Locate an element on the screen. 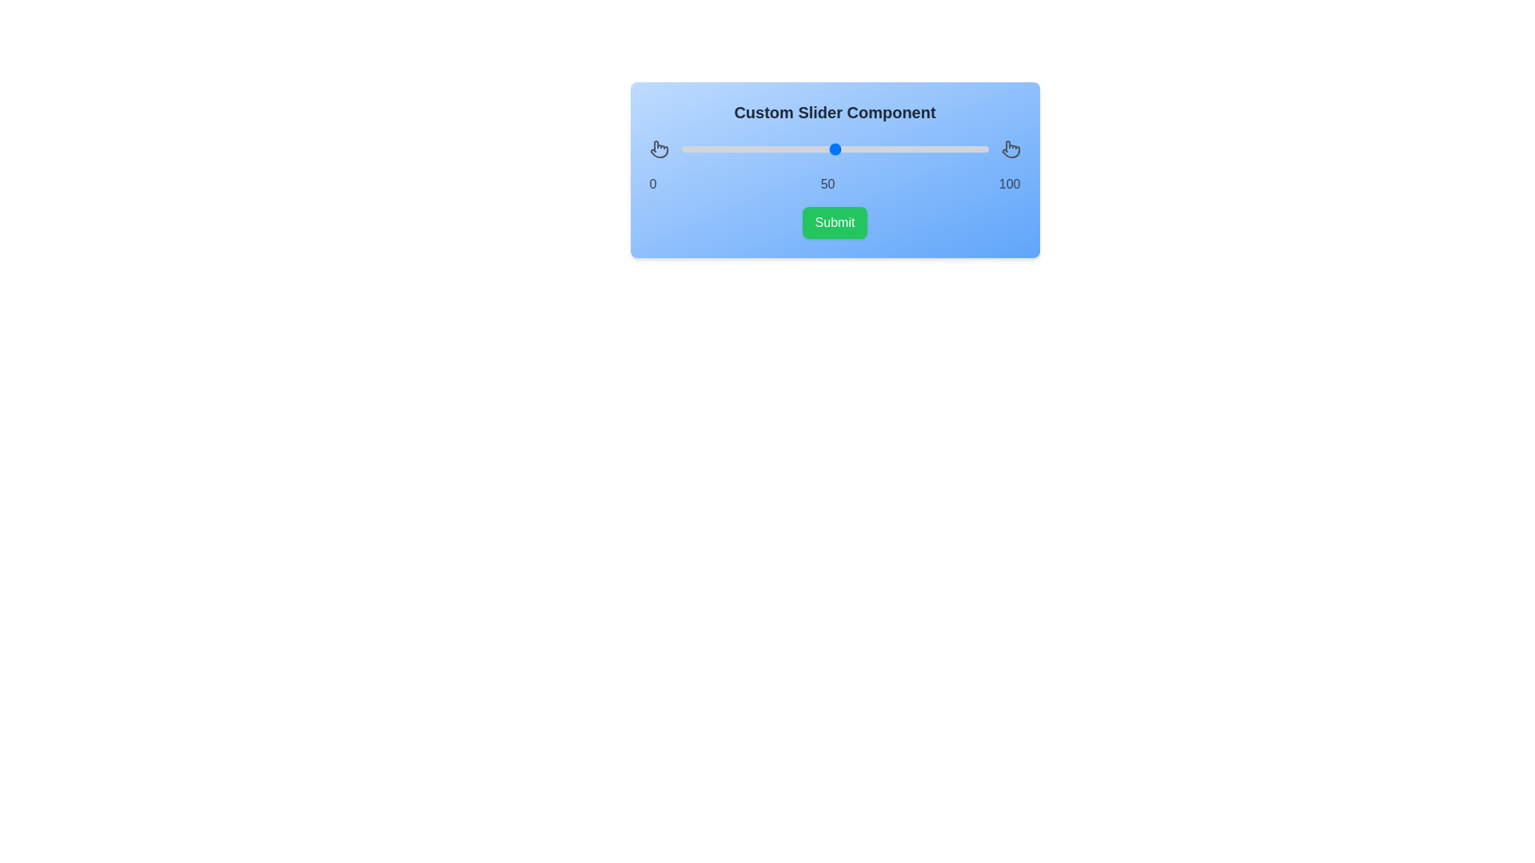 The width and height of the screenshot is (1535, 863). the title text area to view the component title is located at coordinates (834, 112).